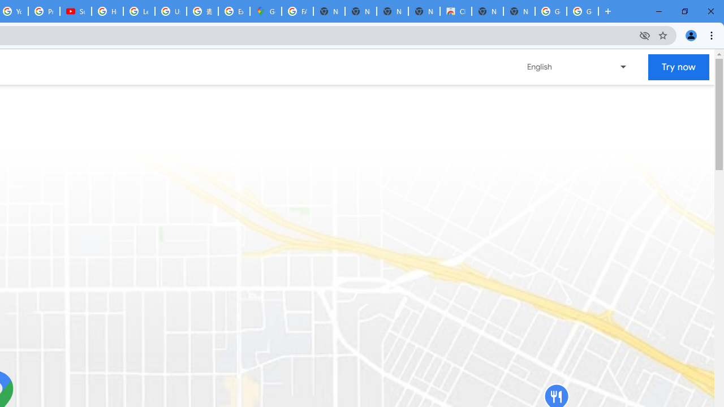  I want to click on 'New Tab', so click(518, 11).